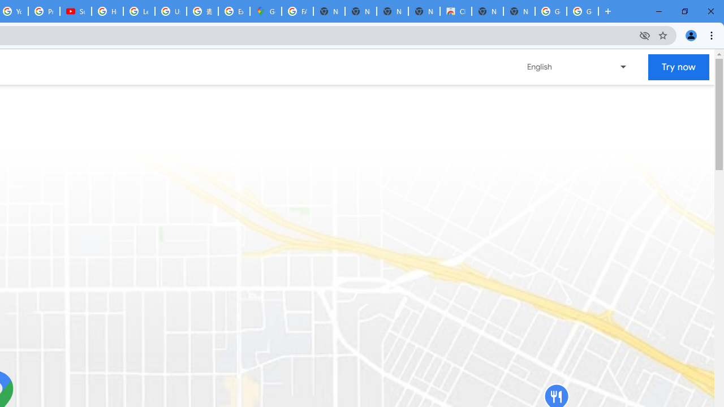  I want to click on 'New Tab', so click(518, 11).